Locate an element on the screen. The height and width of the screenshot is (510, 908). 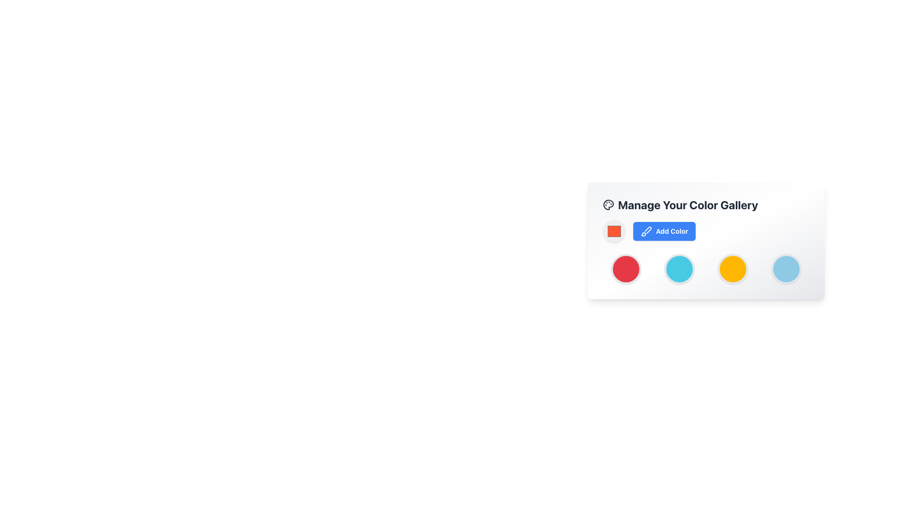
the yellow circular button in the color gallery grid is located at coordinates (733, 269).